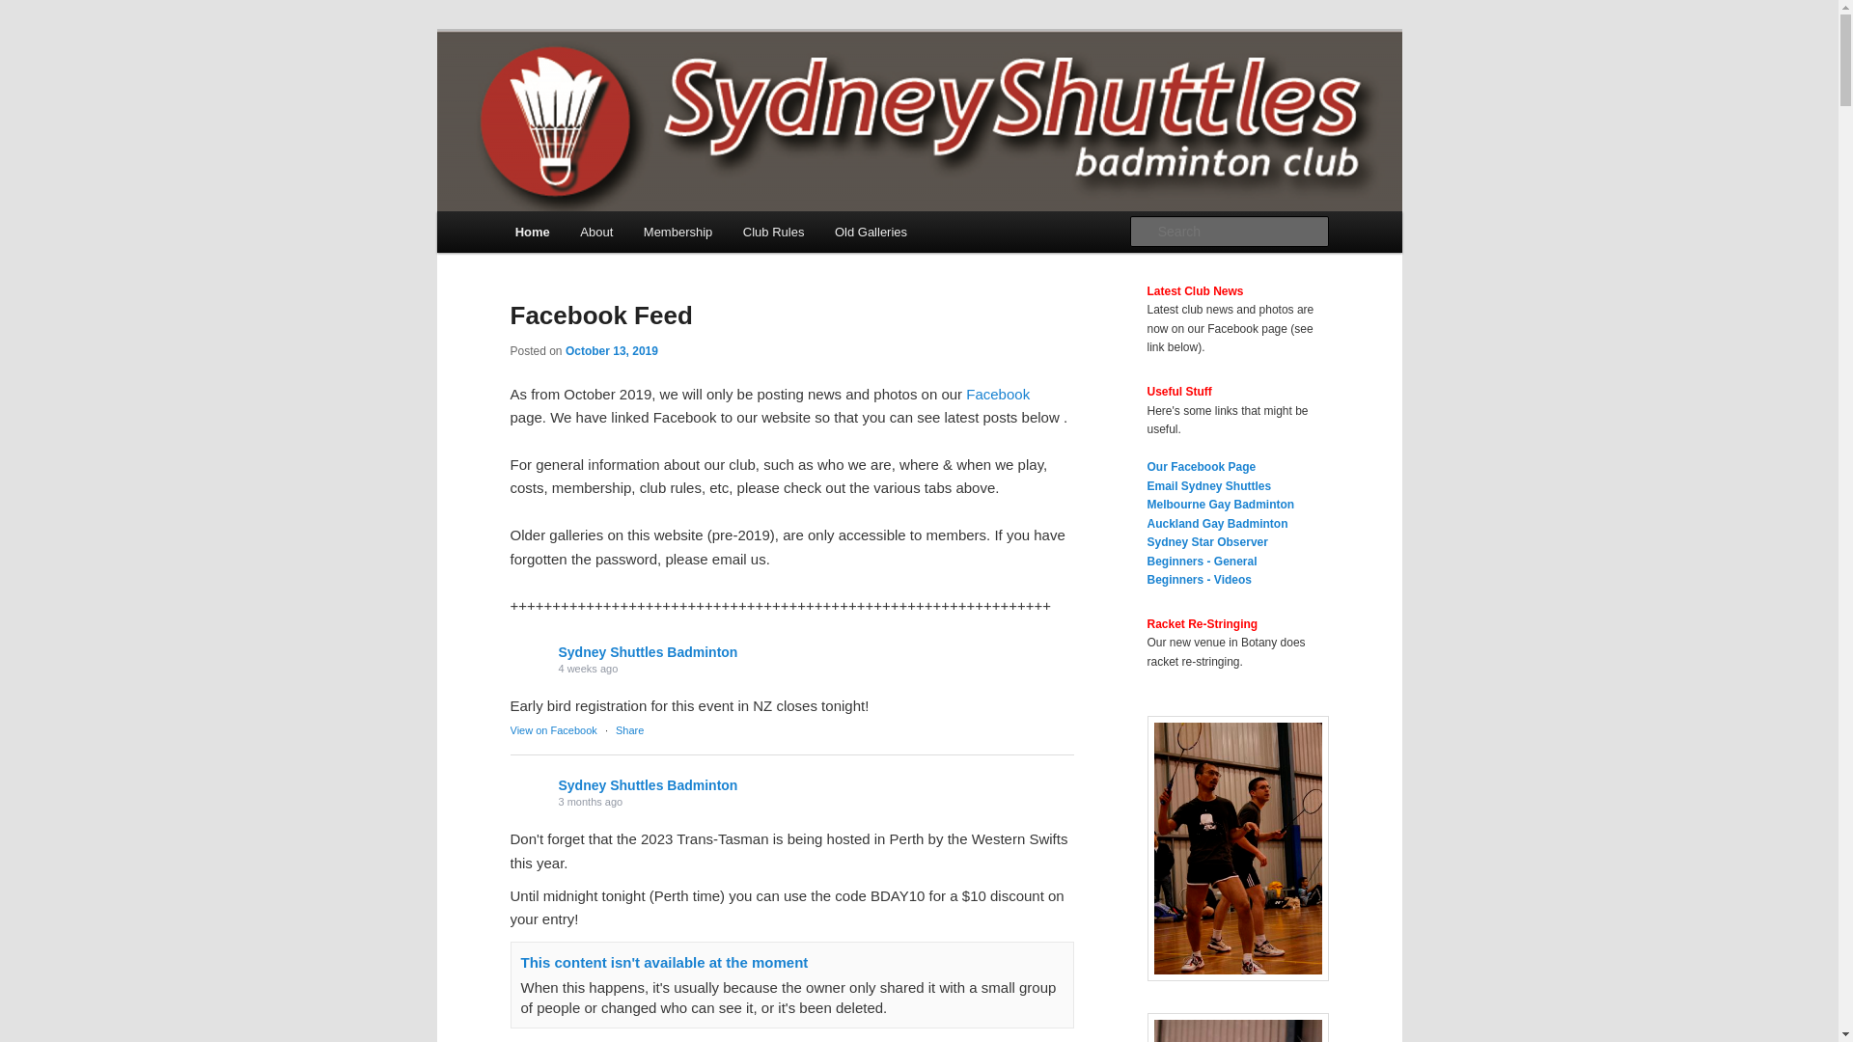 Image resolution: width=1853 pixels, height=1042 pixels. I want to click on 'Sydney Shuttles Badminton', so click(648, 784).